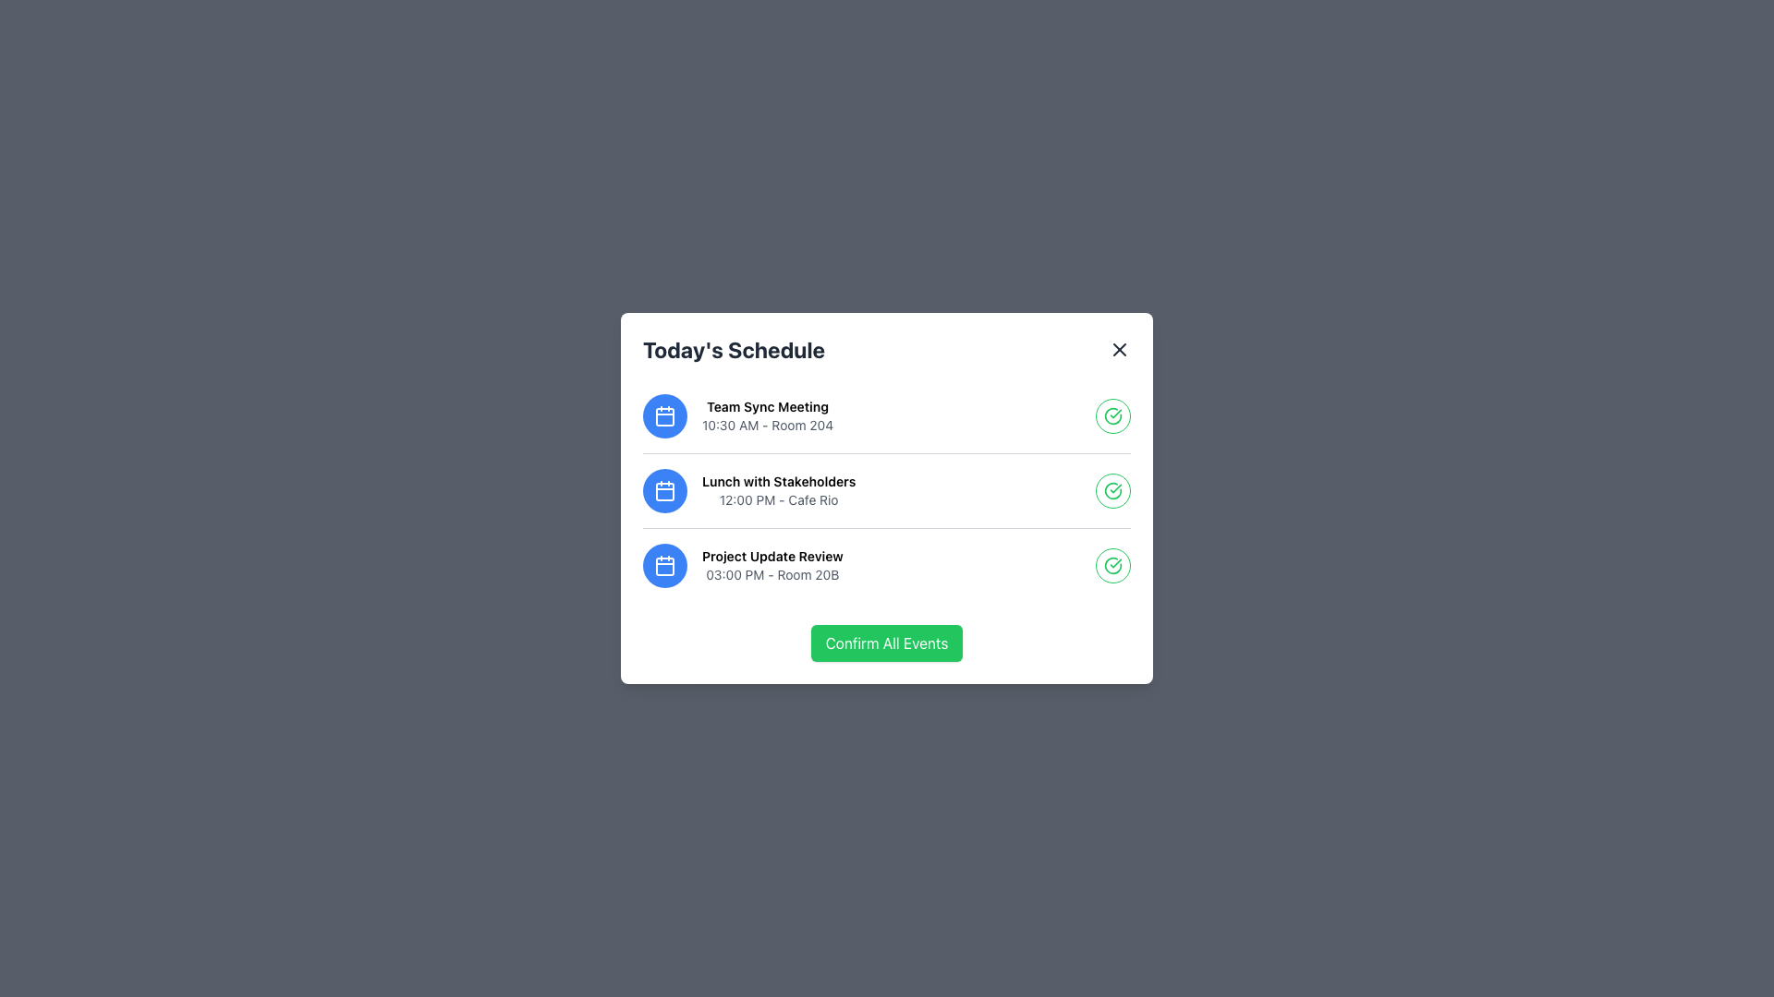  What do you see at coordinates (1112, 416) in the screenshot?
I see `the circular icon with a green border and a green checkmark, located to the right of the 'Team Sync Meeting' text in the vertical list of events` at bounding box center [1112, 416].